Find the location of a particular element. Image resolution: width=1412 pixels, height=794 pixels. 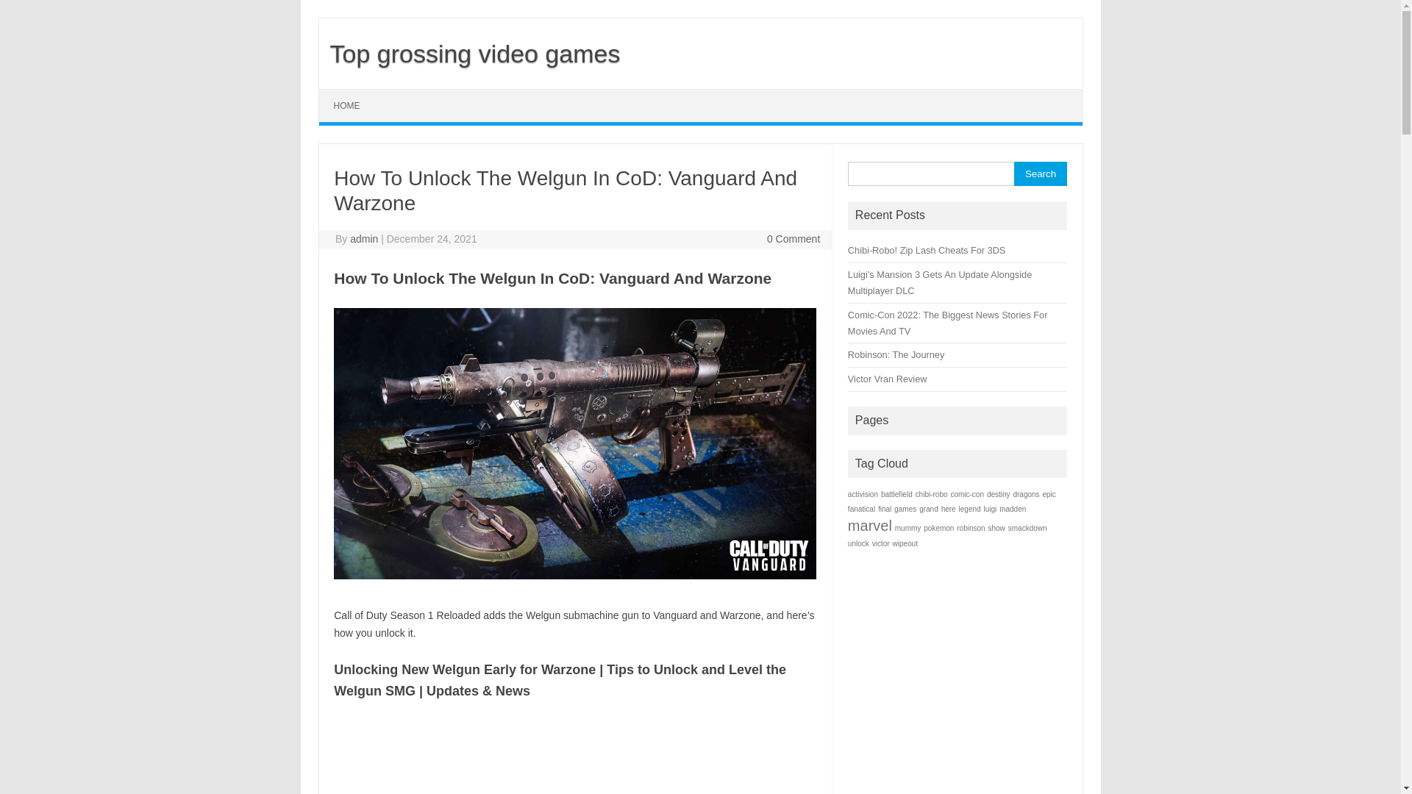

'marvel' is located at coordinates (869, 524).